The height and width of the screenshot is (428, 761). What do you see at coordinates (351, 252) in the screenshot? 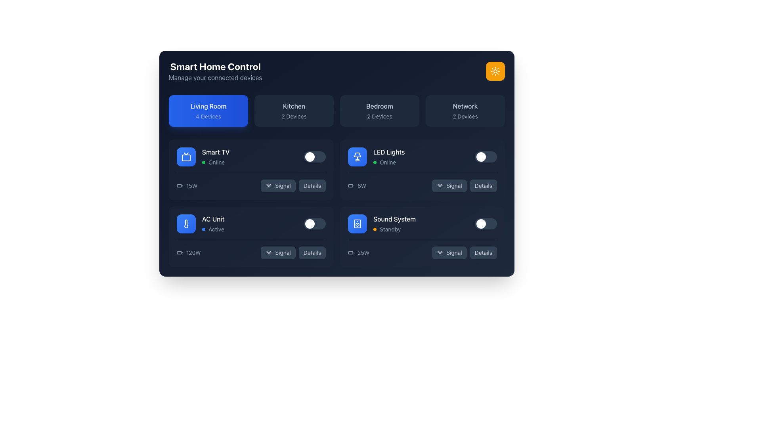
I see `the power specification icon located to the left of the text '25W'` at bounding box center [351, 252].